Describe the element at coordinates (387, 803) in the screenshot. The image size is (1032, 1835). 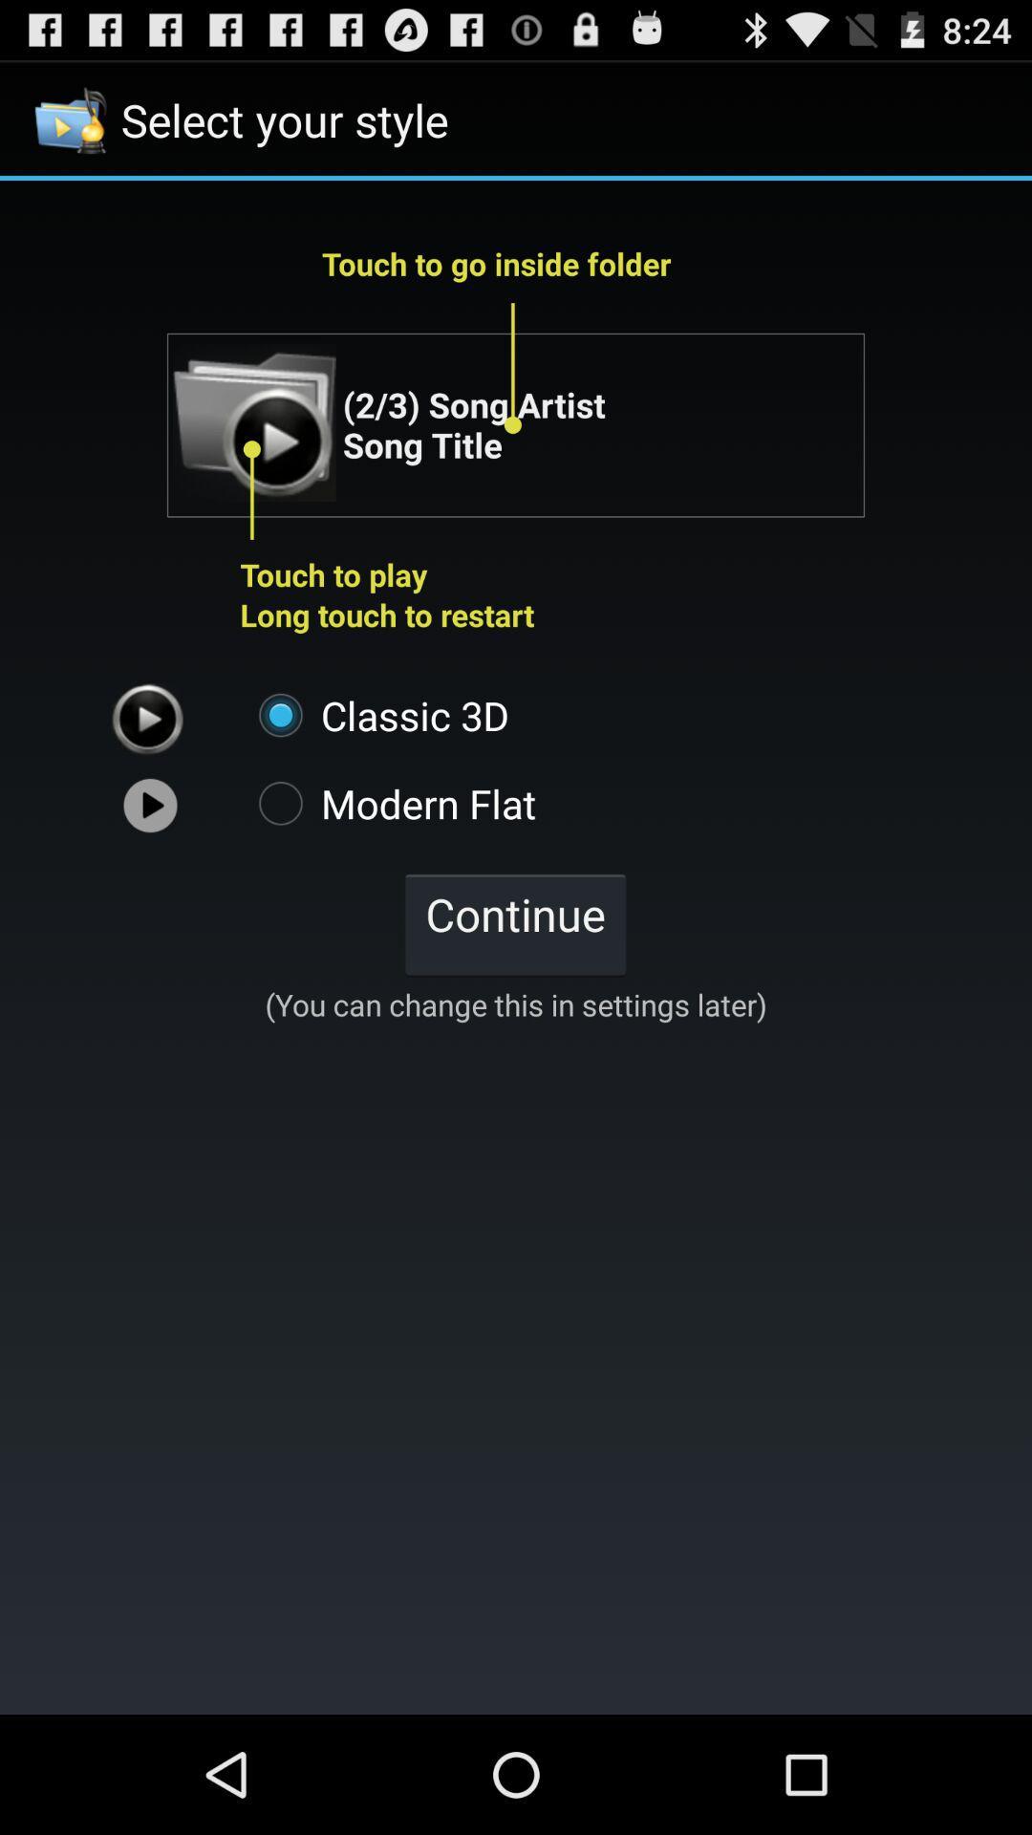
I see `the modern flat icon` at that location.